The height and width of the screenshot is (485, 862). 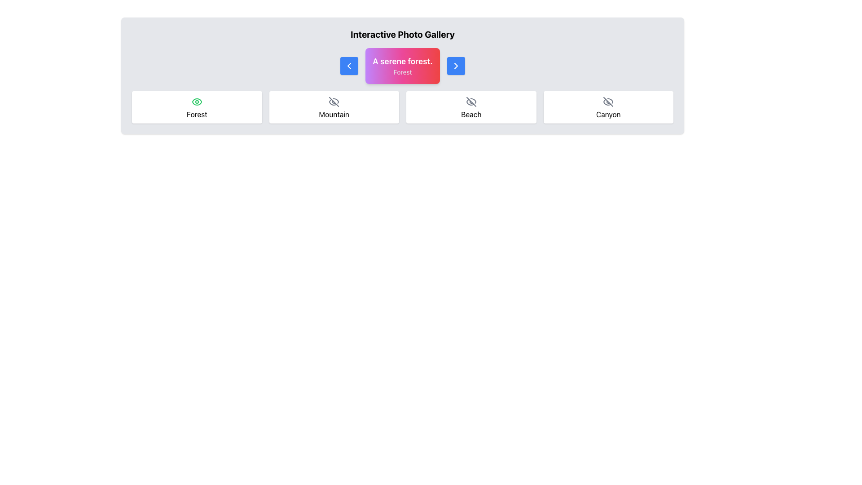 I want to click on the visibility toggle button with an eye icon and a slash, located within the 'Beach' card, so click(x=471, y=101).